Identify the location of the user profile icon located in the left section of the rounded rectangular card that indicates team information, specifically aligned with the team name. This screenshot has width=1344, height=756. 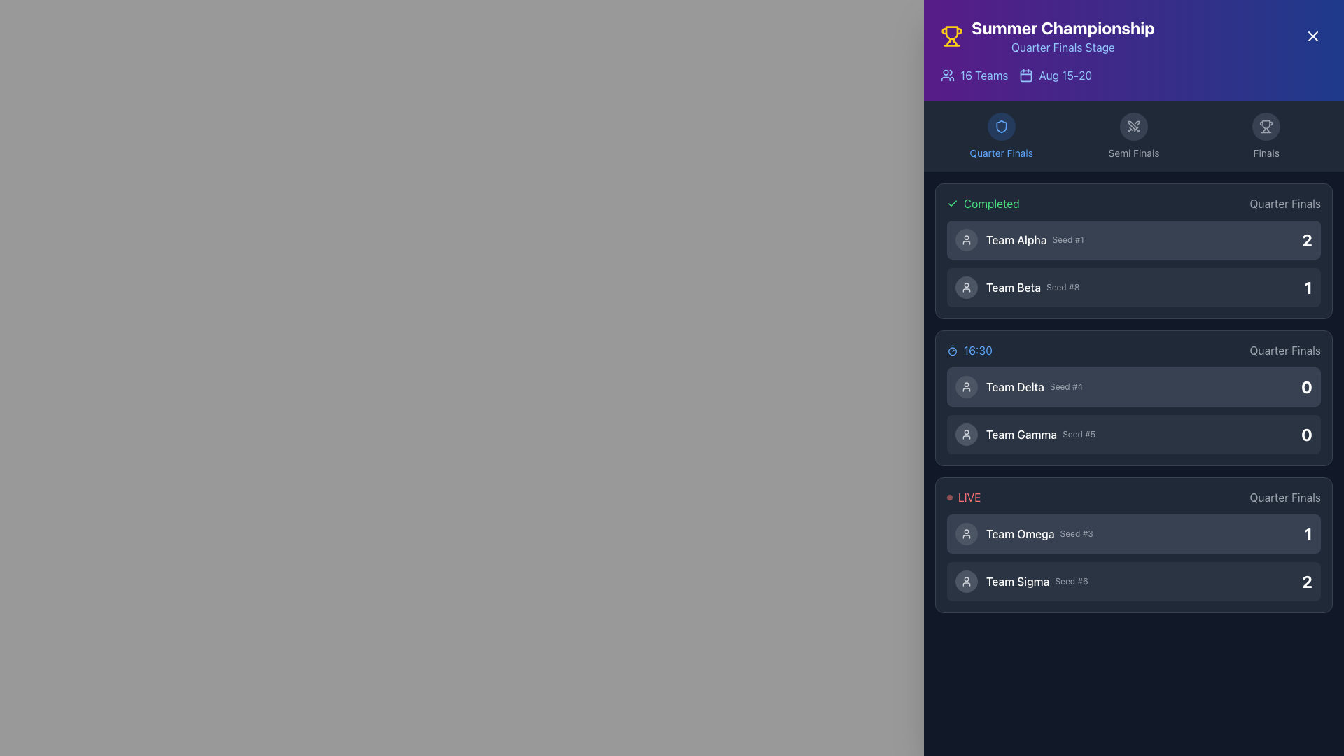
(966, 287).